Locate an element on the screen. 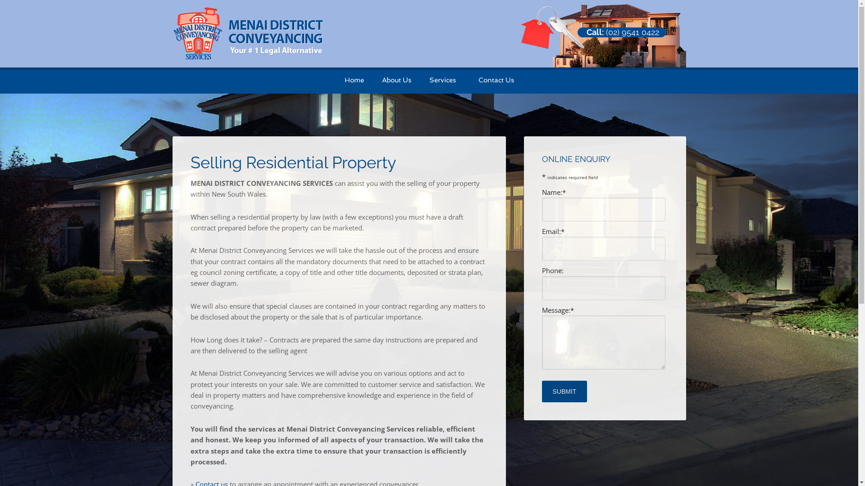 This screenshot has width=865, height=486. 'Contact Us' is located at coordinates (496, 80).